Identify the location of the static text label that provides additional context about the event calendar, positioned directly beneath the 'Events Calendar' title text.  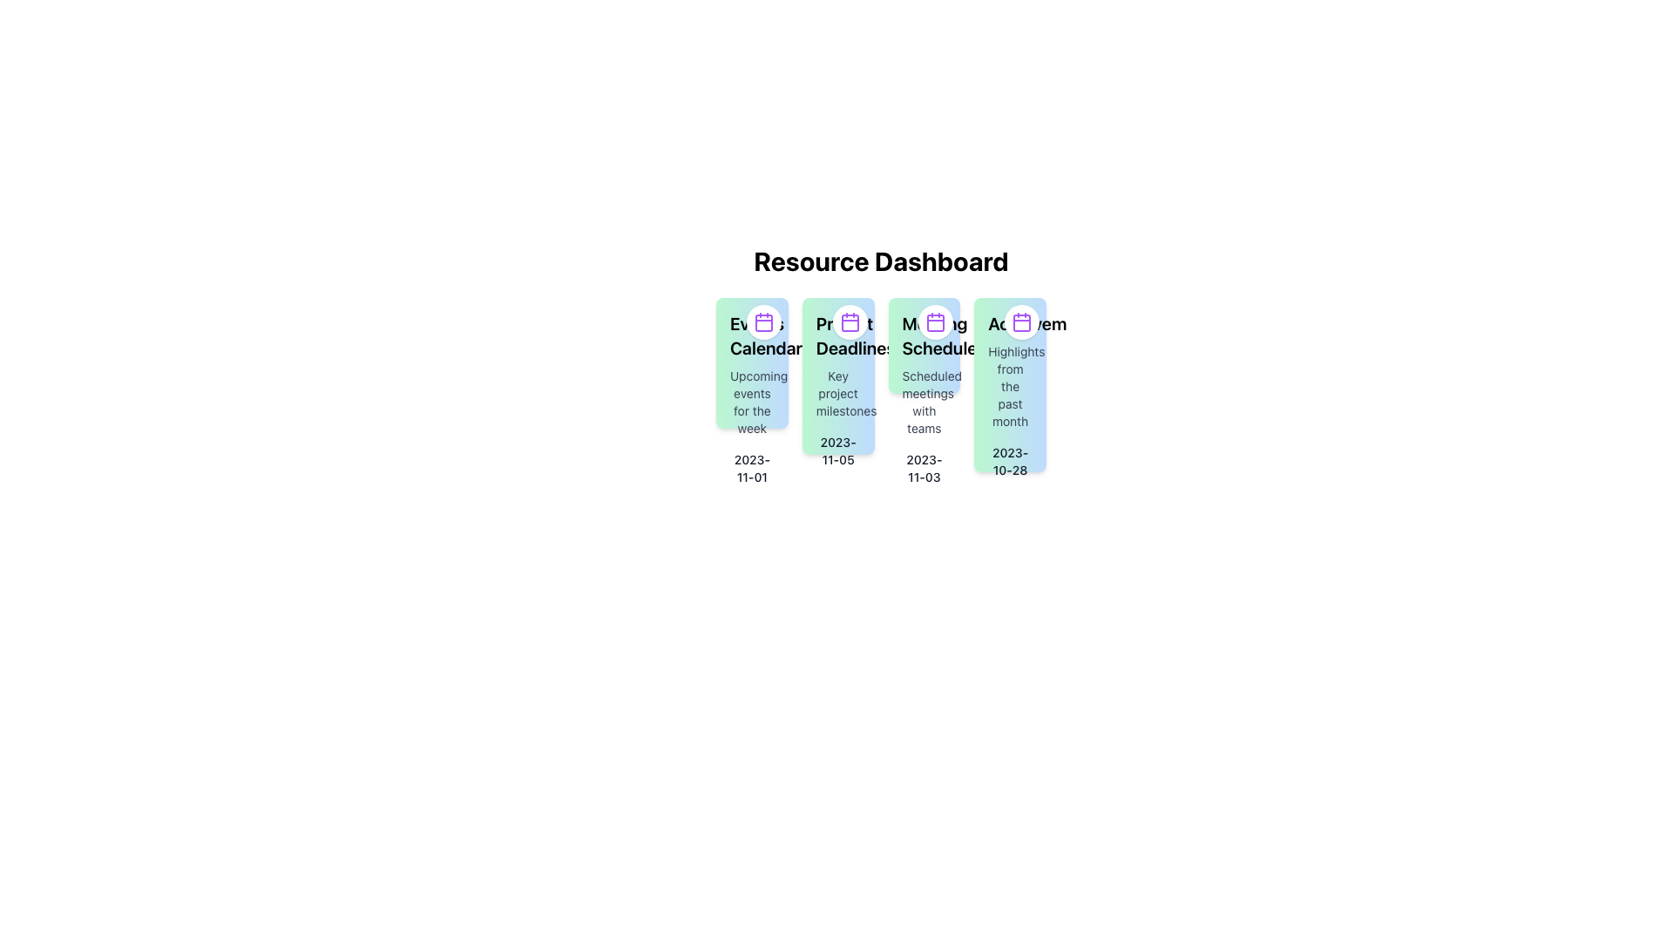
(752, 403).